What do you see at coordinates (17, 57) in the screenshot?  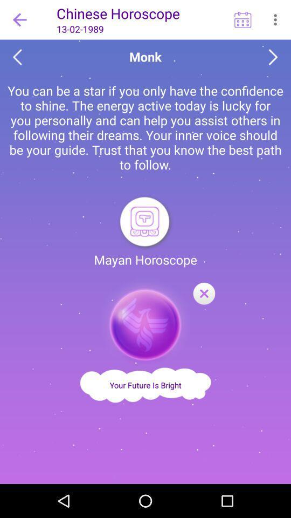 I see `previus zodiac sign` at bounding box center [17, 57].